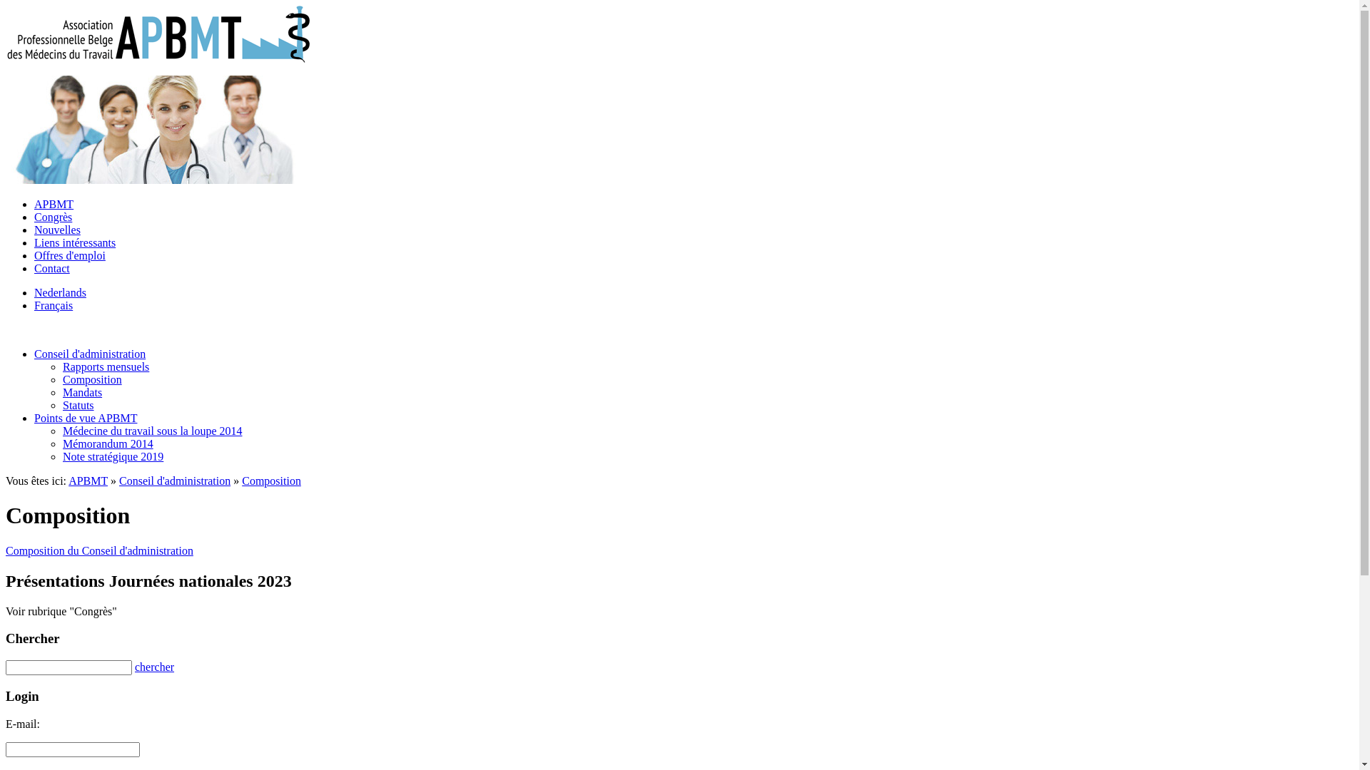 The height and width of the screenshot is (770, 1370). Describe the element at coordinates (105, 366) in the screenshot. I see `'Rapports mensuels'` at that location.